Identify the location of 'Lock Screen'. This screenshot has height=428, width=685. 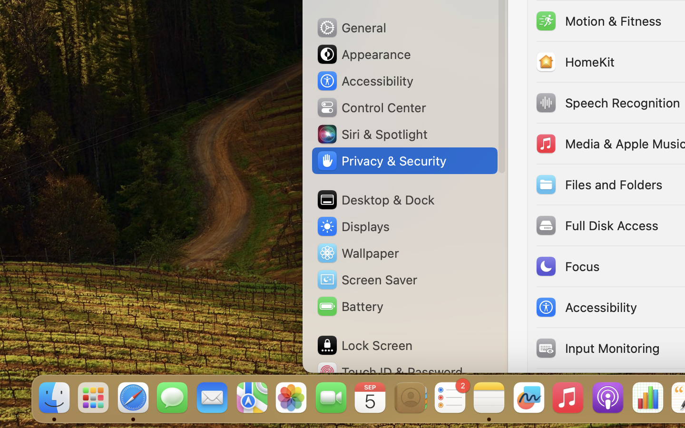
(363, 345).